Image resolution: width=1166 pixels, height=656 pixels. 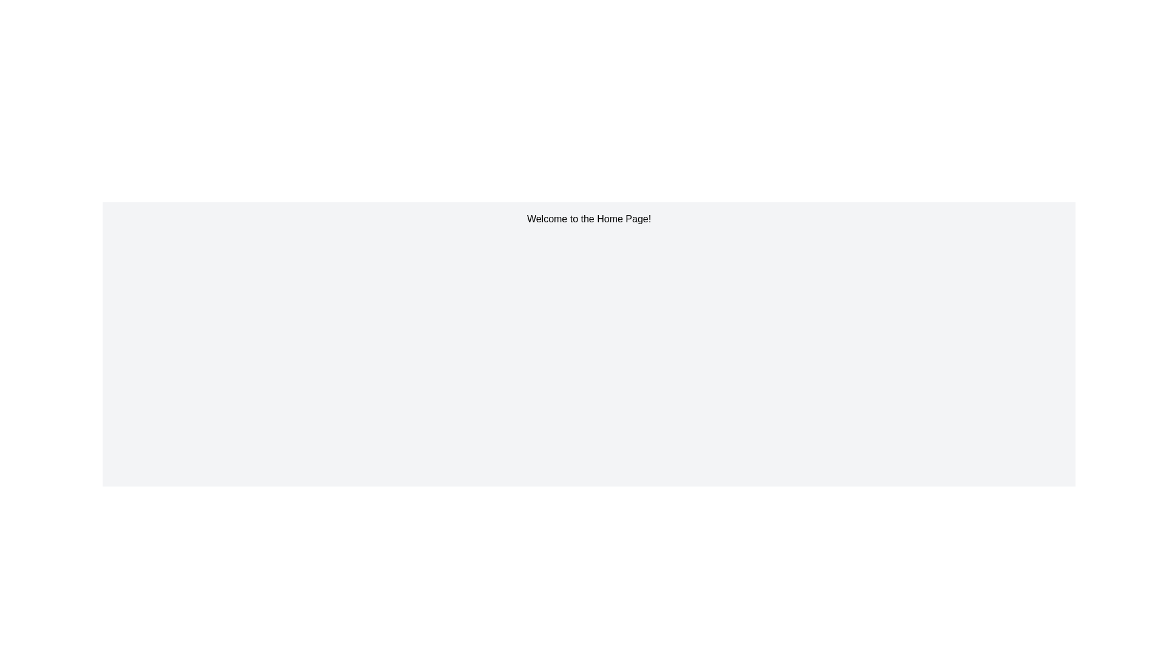 I want to click on text of the centered header that reads 'Welcome to the Home Page!' located in the upper section of the main content area, so click(x=588, y=219).